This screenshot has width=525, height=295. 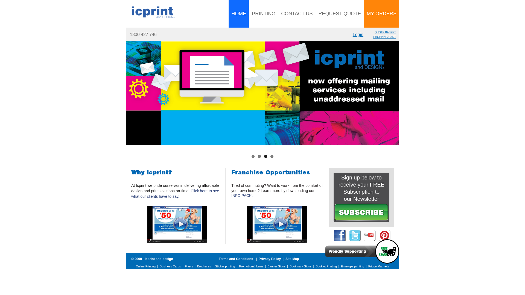 I want to click on 'Bookmark Signs', so click(x=300, y=266).